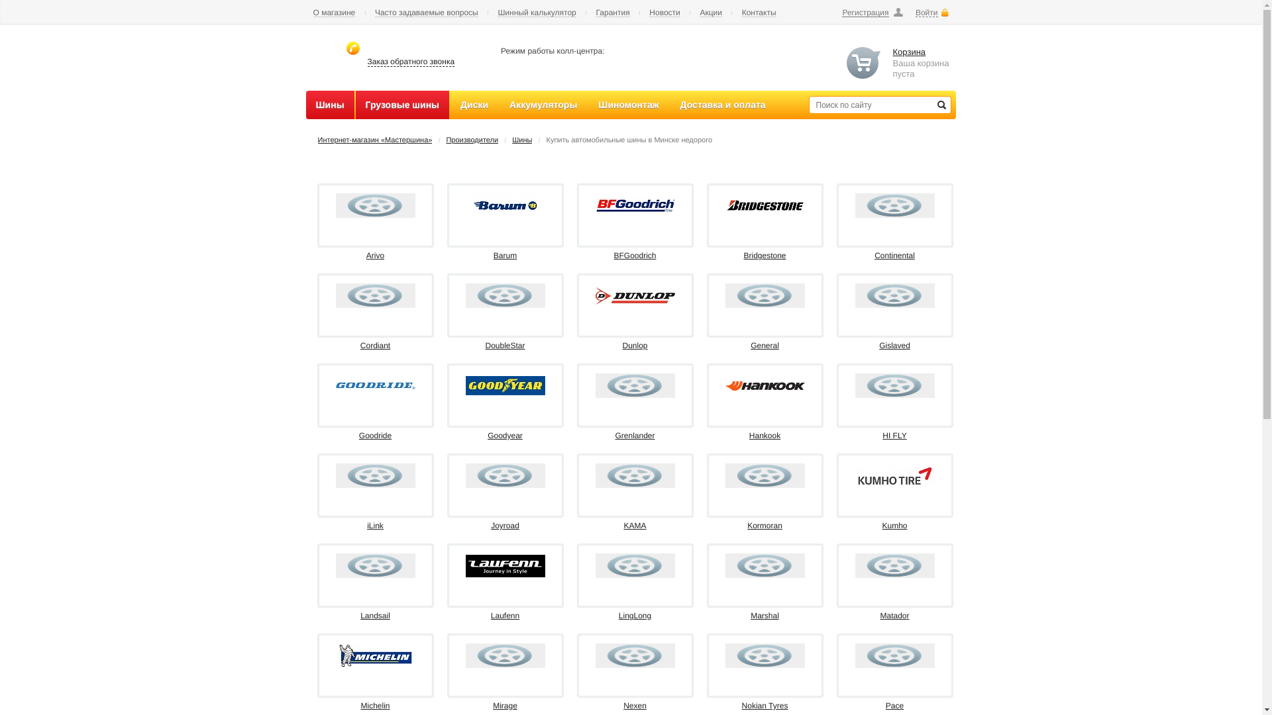  Describe the element at coordinates (894, 475) in the screenshot. I see `'Kumho'` at that location.